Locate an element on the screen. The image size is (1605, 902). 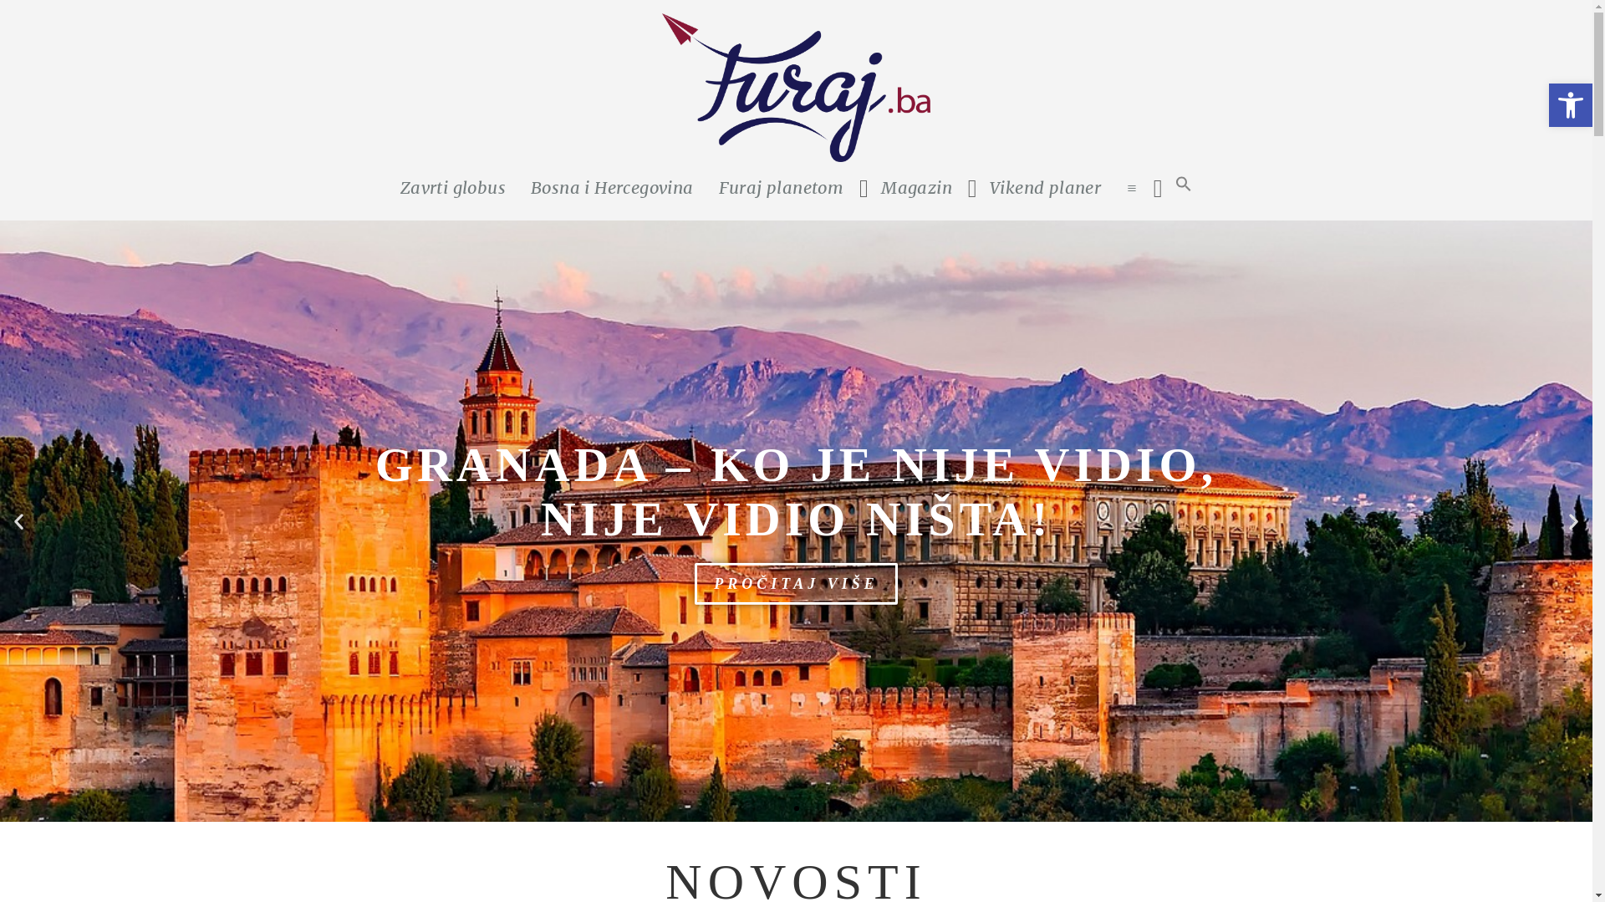
'Magazin' is located at coordinates (915, 187).